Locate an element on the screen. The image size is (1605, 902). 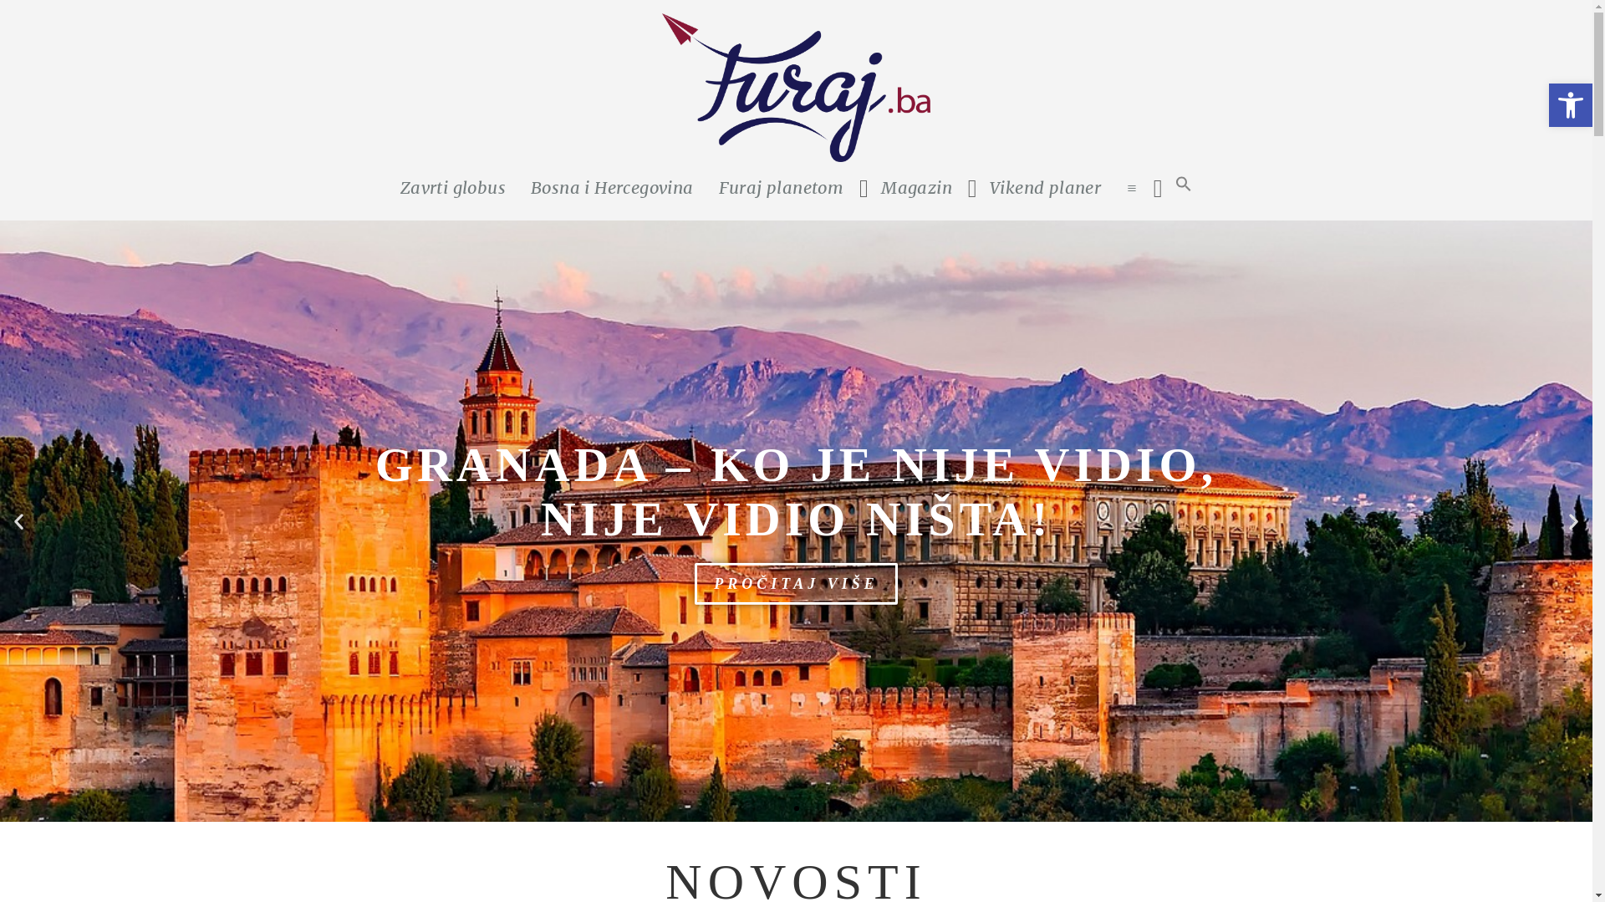
'Magazin' is located at coordinates (915, 187).